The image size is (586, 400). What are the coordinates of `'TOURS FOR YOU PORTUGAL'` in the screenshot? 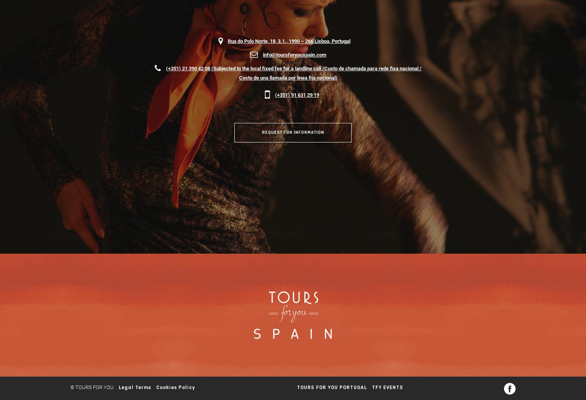 It's located at (331, 386).